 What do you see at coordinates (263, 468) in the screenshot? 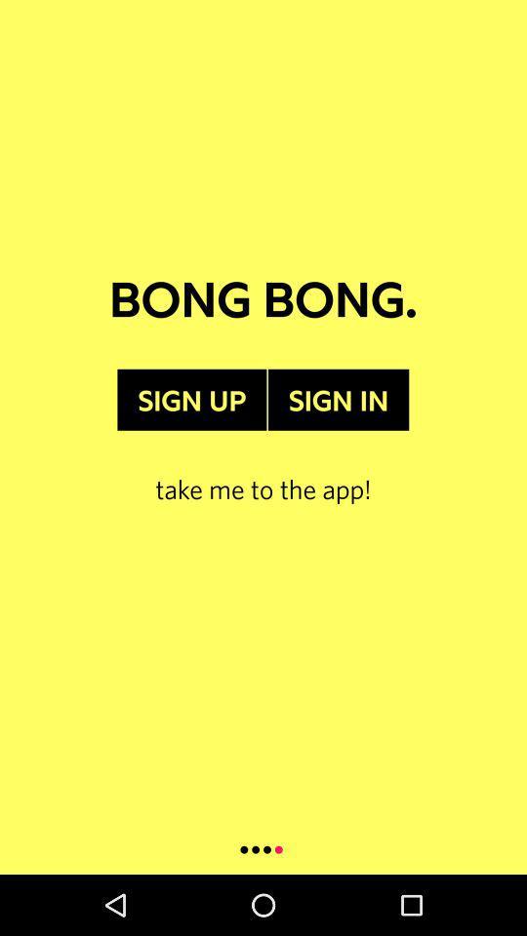
I see `item below the sign up` at bounding box center [263, 468].